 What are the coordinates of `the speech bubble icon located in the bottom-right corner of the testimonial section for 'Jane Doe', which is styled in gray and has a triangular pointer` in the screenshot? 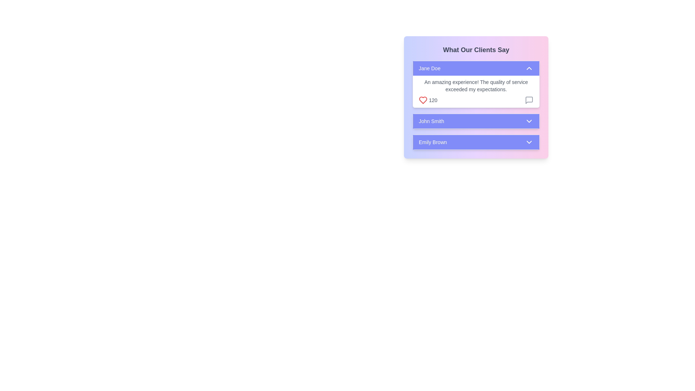 It's located at (529, 100).